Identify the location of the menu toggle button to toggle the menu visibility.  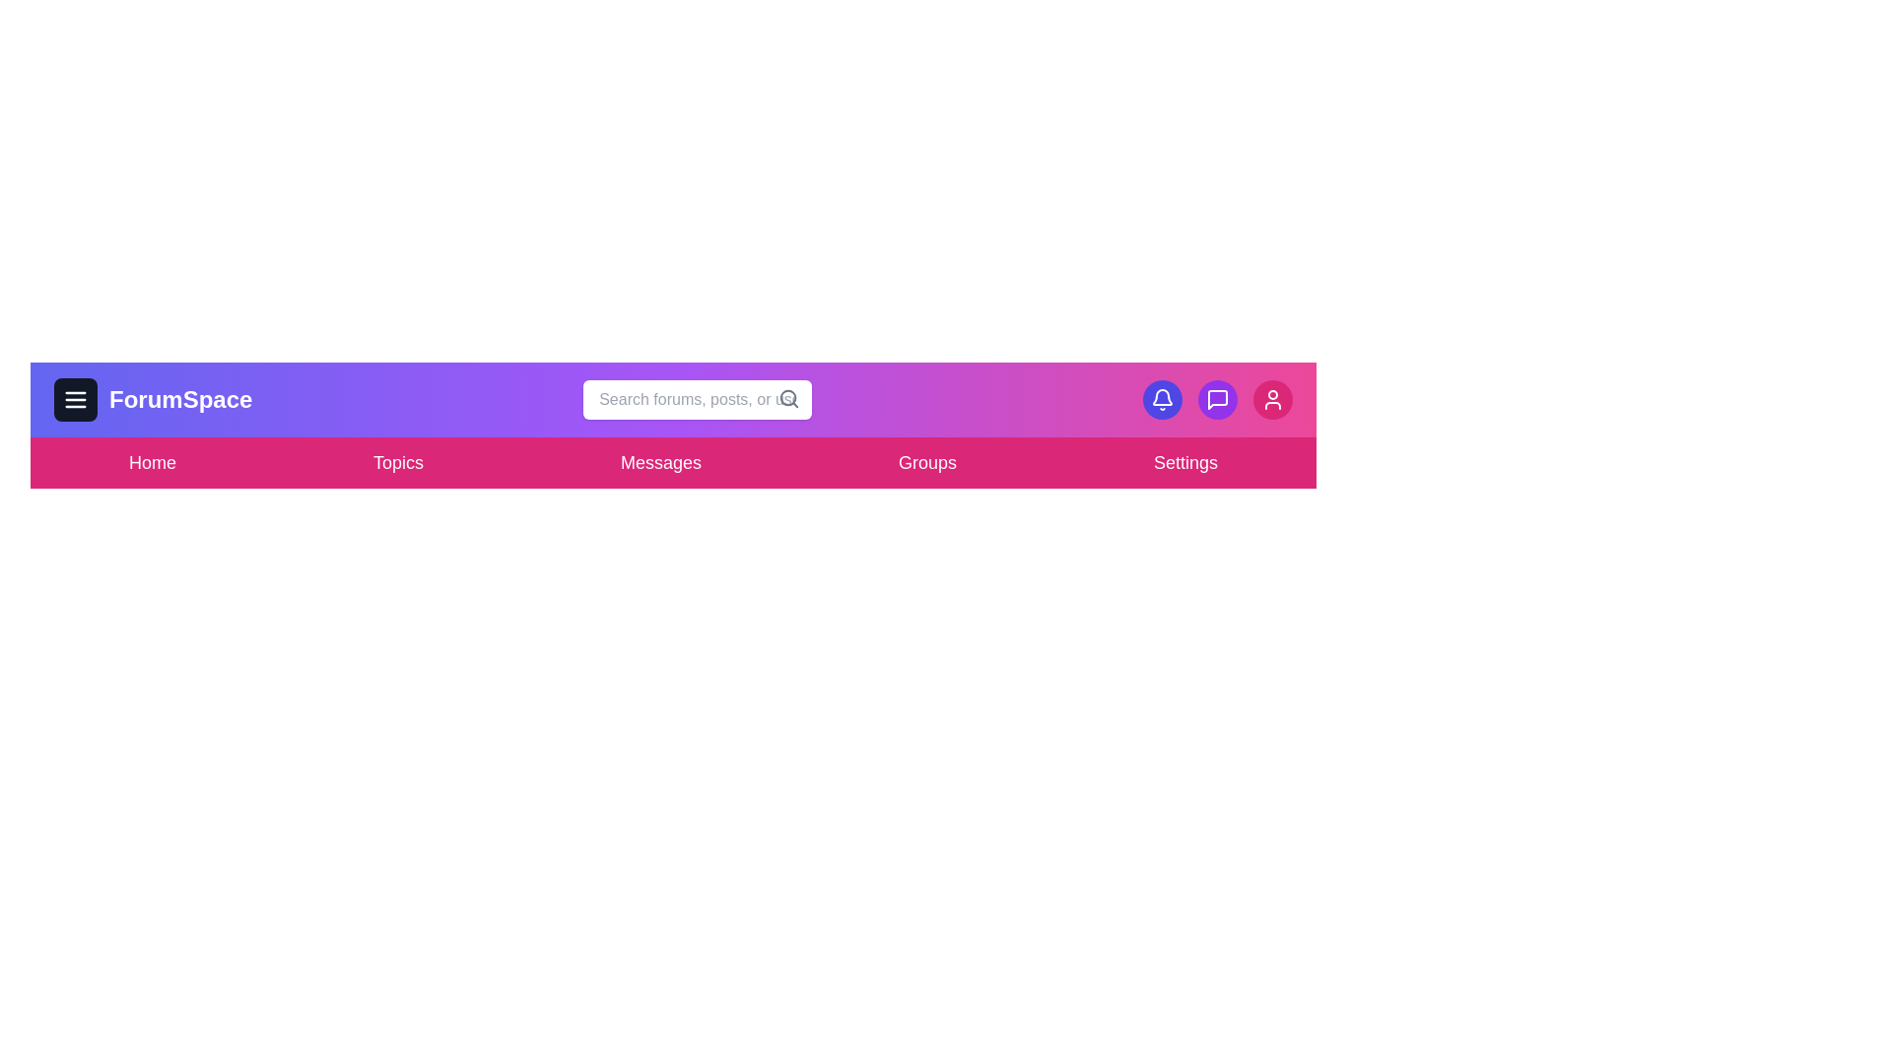
(75, 399).